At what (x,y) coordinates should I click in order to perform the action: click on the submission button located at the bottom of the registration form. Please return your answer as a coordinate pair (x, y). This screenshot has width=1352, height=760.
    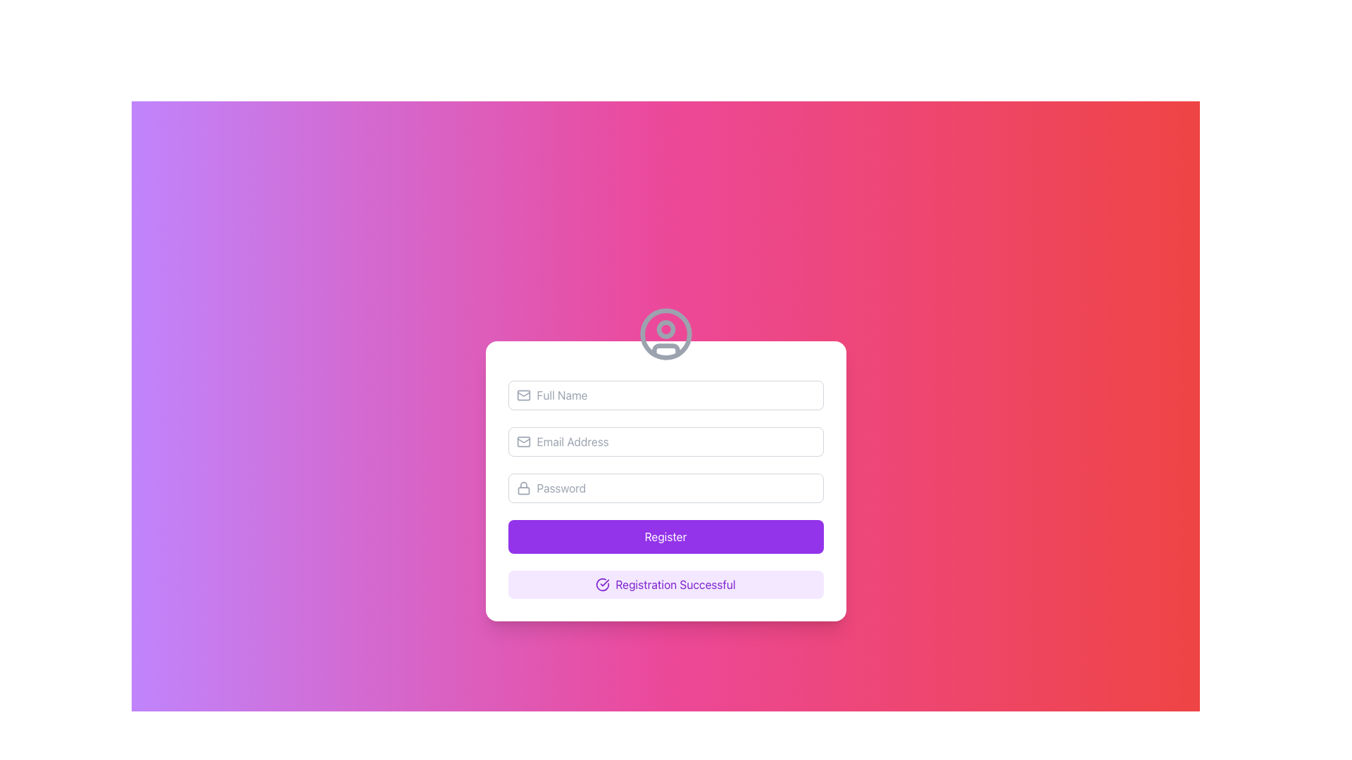
    Looking at the image, I should click on (665, 537).